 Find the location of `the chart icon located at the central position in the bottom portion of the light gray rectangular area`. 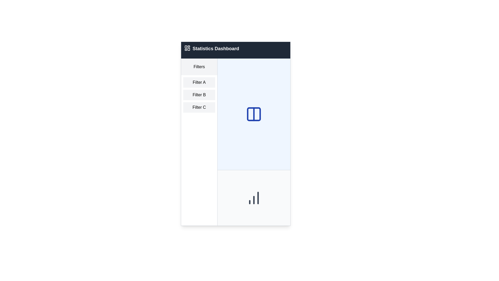

the chart icon located at the central position in the bottom portion of the light gray rectangular area is located at coordinates (254, 198).